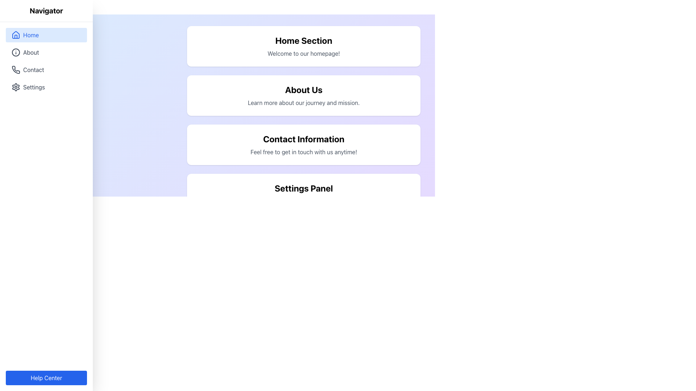 The height and width of the screenshot is (391, 696). What do you see at coordinates (304, 152) in the screenshot?
I see `the static text displaying 'Feel free to get in touch with us anytime!' which is located under the 'Contact Information' heading` at bounding box center [304, 152].